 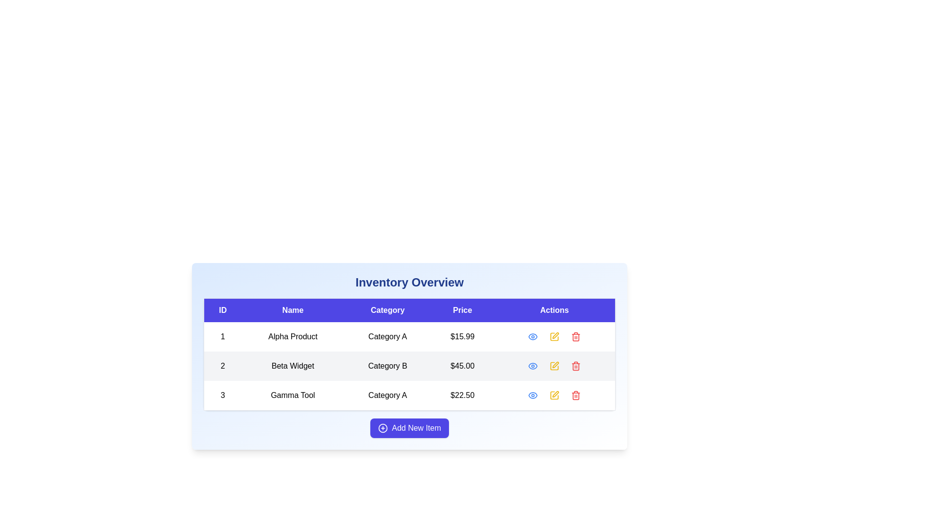 What do you see at coordinates (409, 395) in the screenshot?
I see `the third row of the inventory table` at bounding box center [409, 395].